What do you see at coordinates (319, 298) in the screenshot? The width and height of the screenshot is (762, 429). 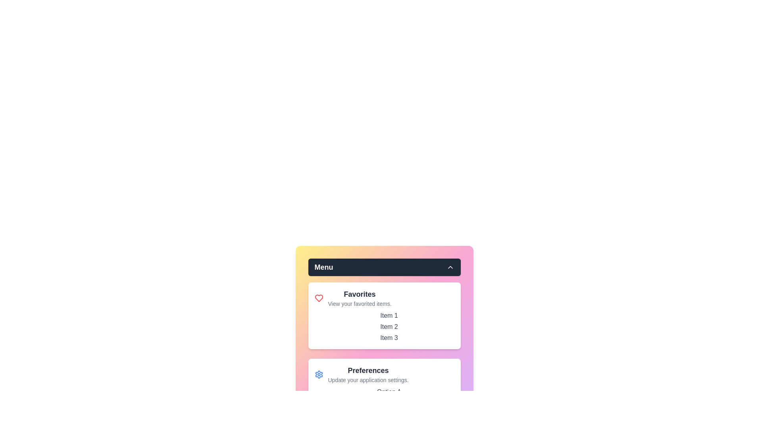 I see `the Favorites icon in the menu` at bounding box center [319, 298].